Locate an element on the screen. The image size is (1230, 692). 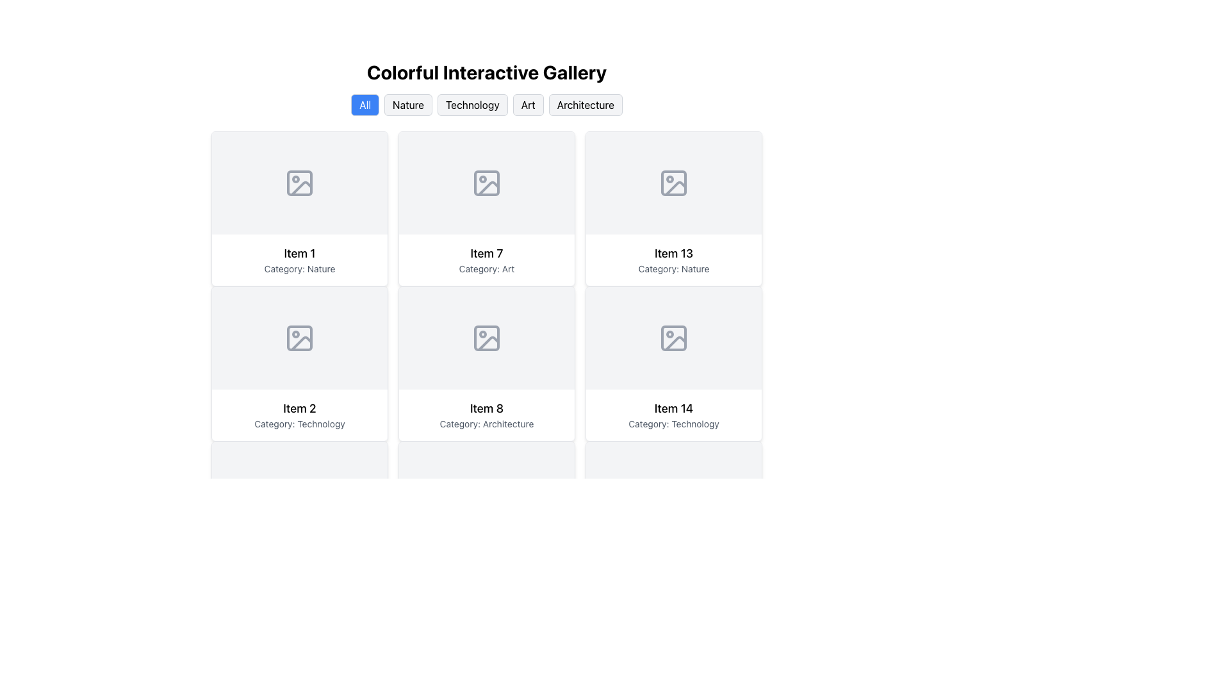
the text block that serves as a descriptive label for an item title and its associated category, located in the second row and third column of the grid under the heading 'Colorful Interactive Gallery' is located at coordinates (673, 259).